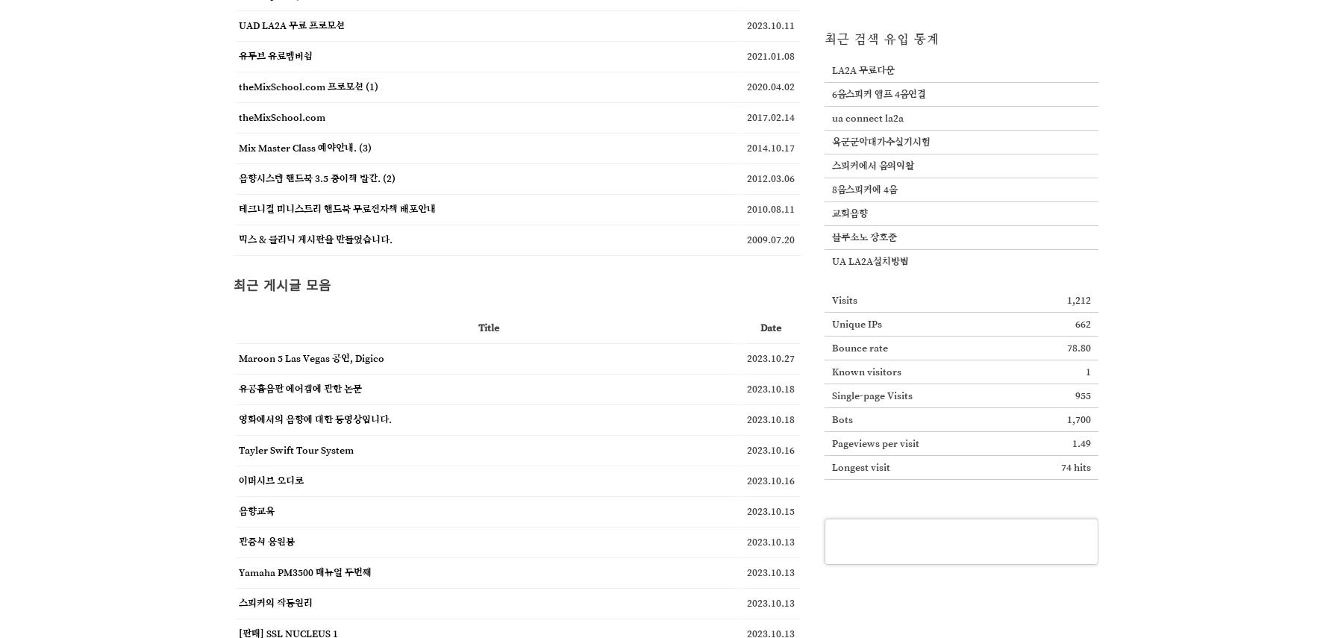 This screenshot has width=1332, height=638. I want to click on '(1)', so click(370, 84).